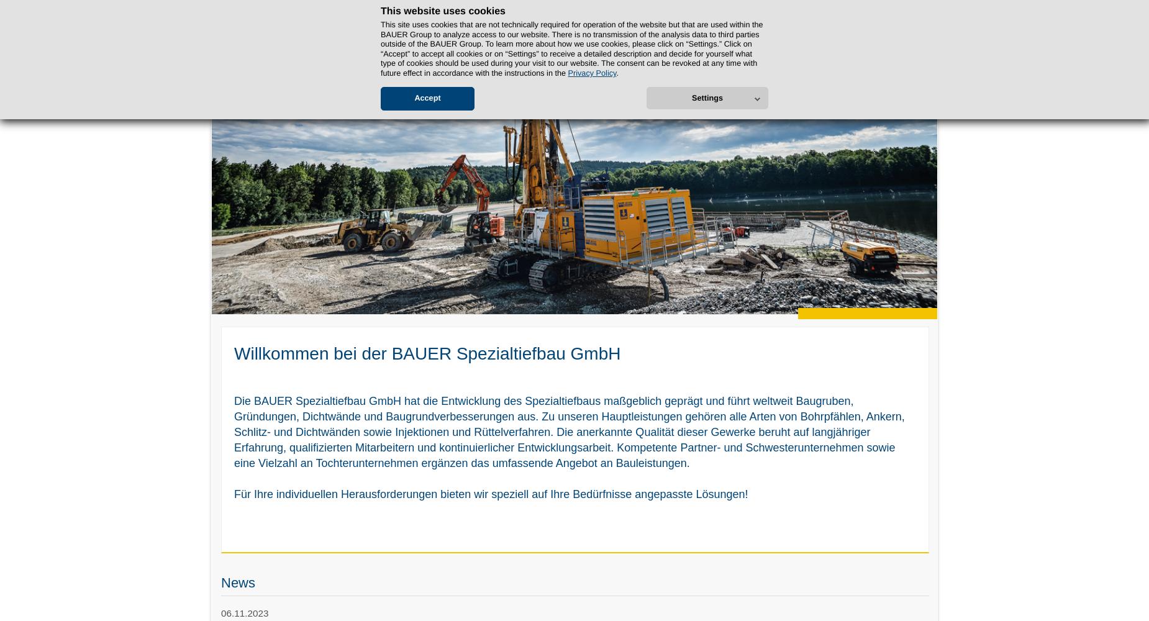  Describe the element at coordinates (234, 432) in the screenshot. I see `'Die BAUER Spezialtiefbau GmbH hat die Entwicklung des Spezialtiefbaus maßgeblich geprägt und führt weltweit Baugruben, Gründungen, Dichtwände und Baugrundverbesserungen aus. Zu unseren Hauptleistungen gehören alle Arten von Bohrpfählen, Ankern, Schlitz- und Dichtwänden sowie Injektionen und Rüttelverfahren. Die anerkannte Qualität dieser Gewerke beruht auf langjähriger Erfahrung, qualifizierten Mitarbeitern und kontinuierlicher Entwicklungsarbeit. Kompetente Partner- und Schwesterunternehmen sowie eine Vielzahl an Tochterunternehmen ergänzen das umfassende Angebot an Bauleistungen.'` at that location.